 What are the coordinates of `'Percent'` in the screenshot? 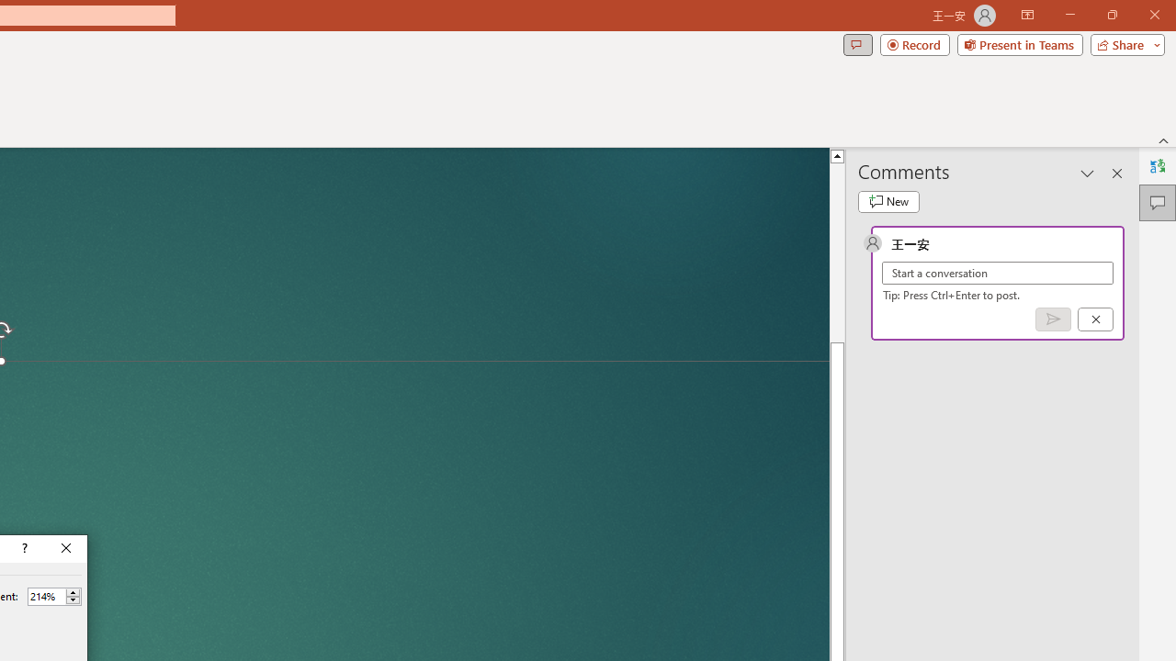 It's located at (54, 597).